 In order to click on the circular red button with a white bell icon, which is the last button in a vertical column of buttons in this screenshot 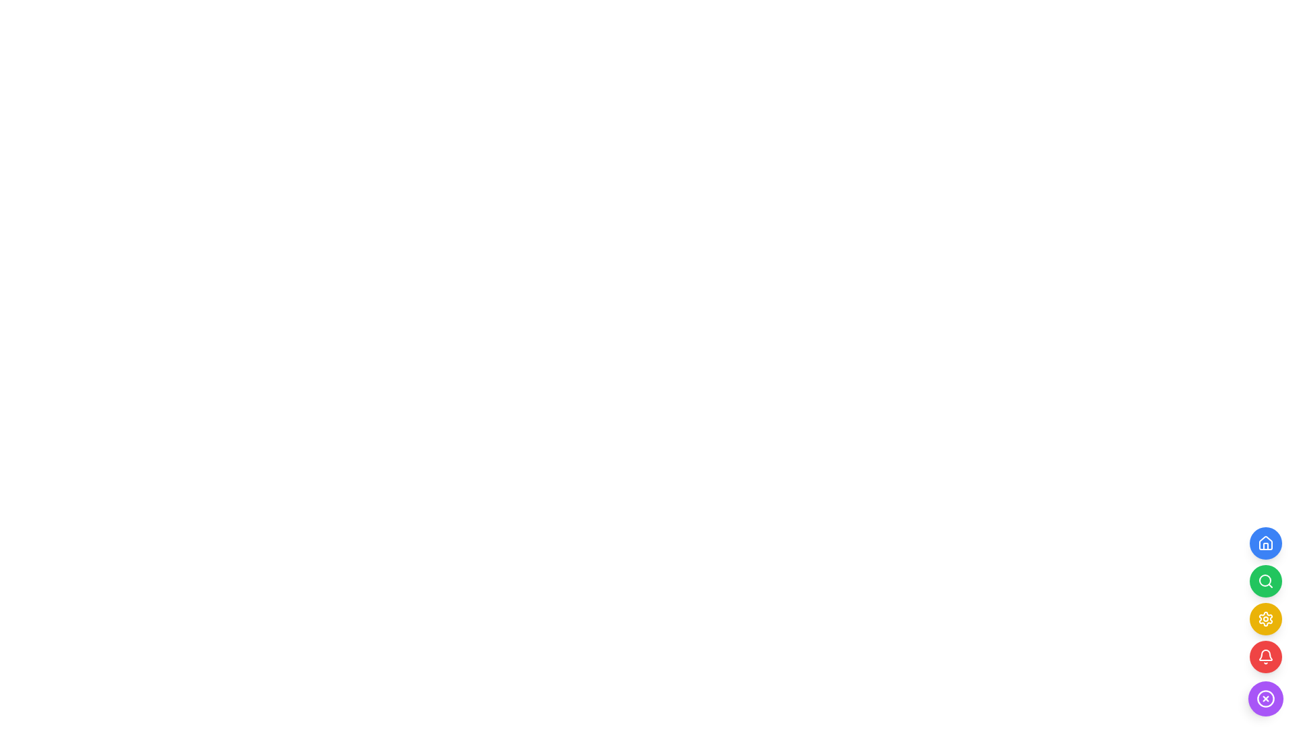, I will do `click(1265, 656)`.